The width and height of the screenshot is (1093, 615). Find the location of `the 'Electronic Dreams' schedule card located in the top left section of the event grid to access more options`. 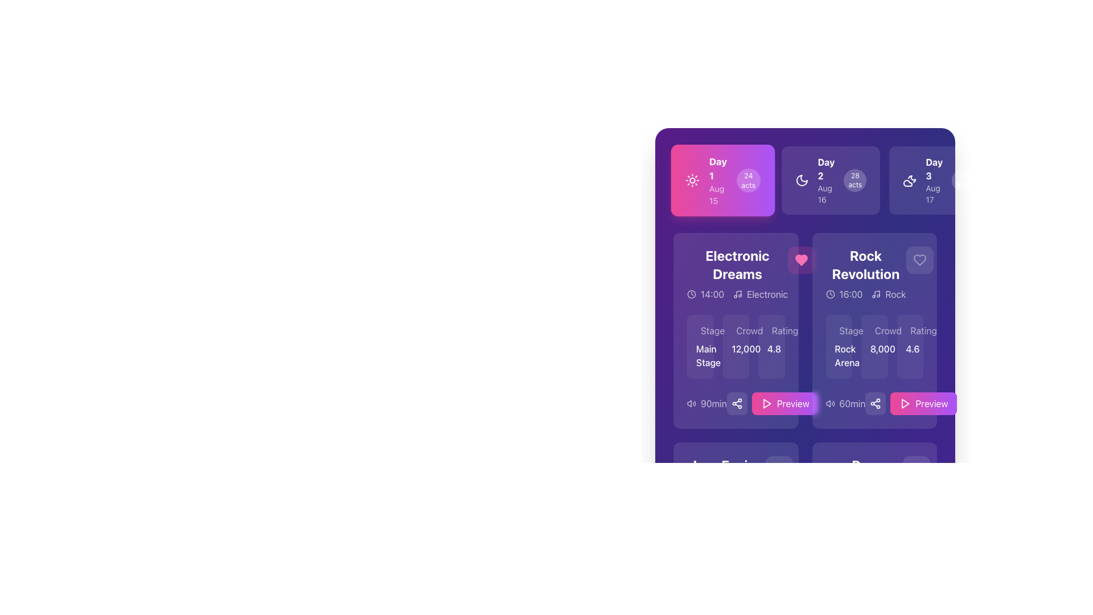

the 'Electronic Dreams' schedule card located in the top left section of the event grid to access more options is located at coordinates (735, 331).